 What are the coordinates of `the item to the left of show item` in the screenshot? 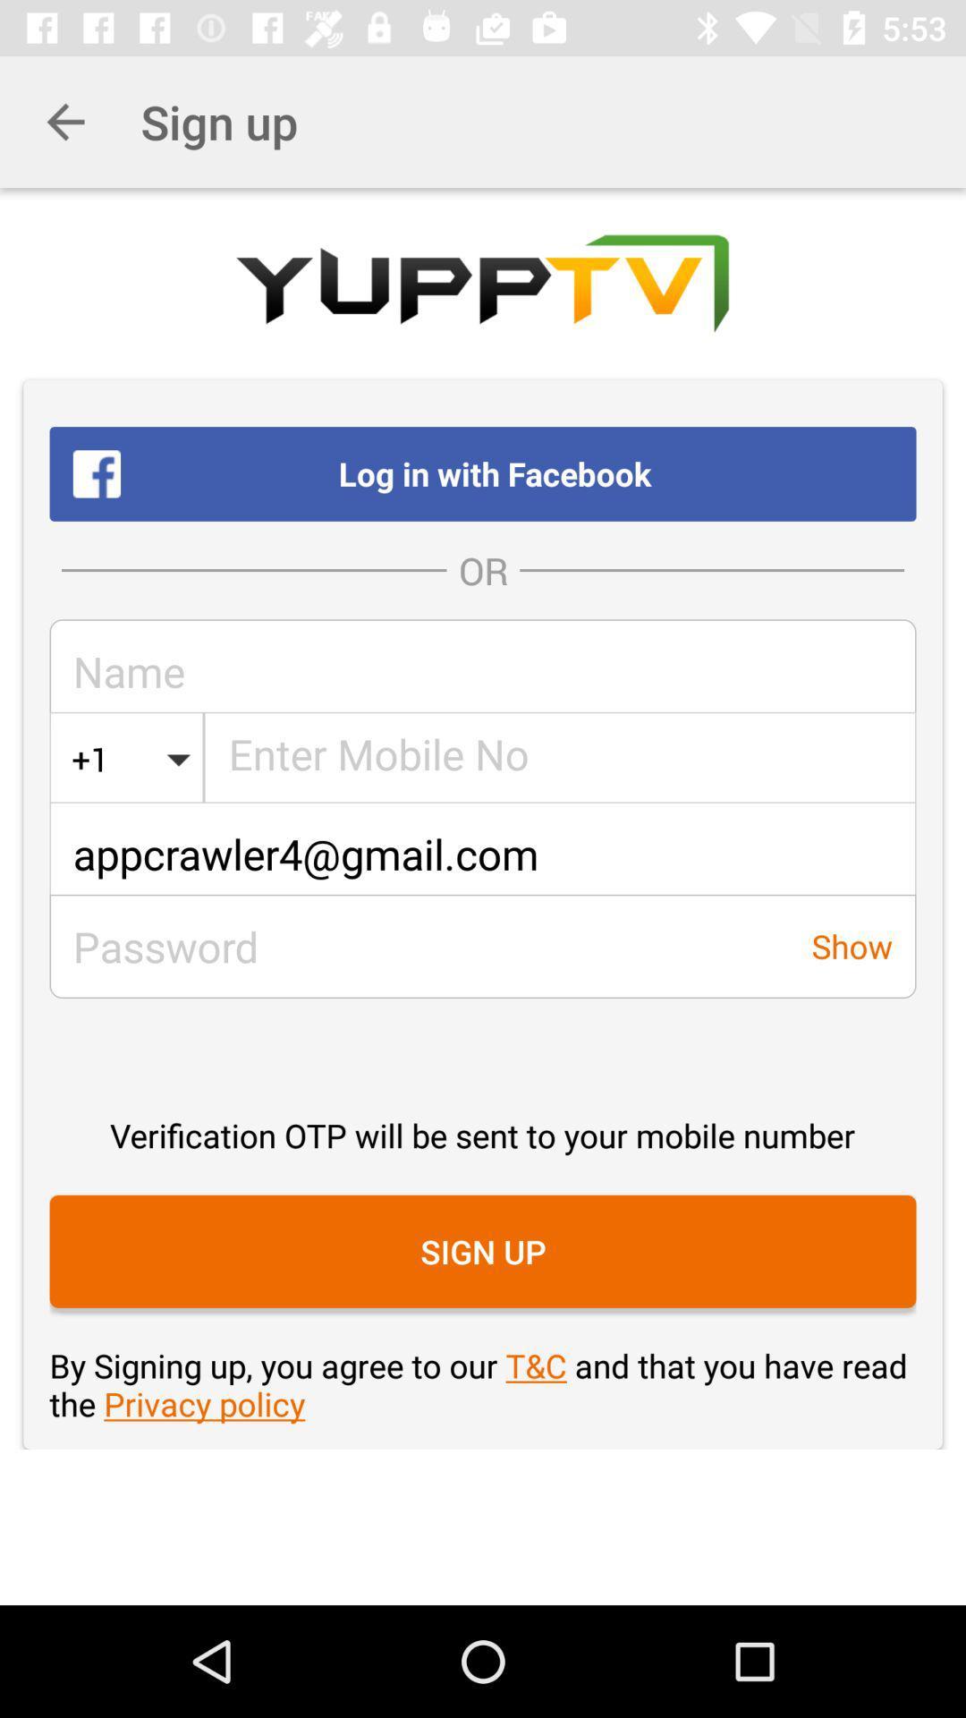 It's located at (419, 945).